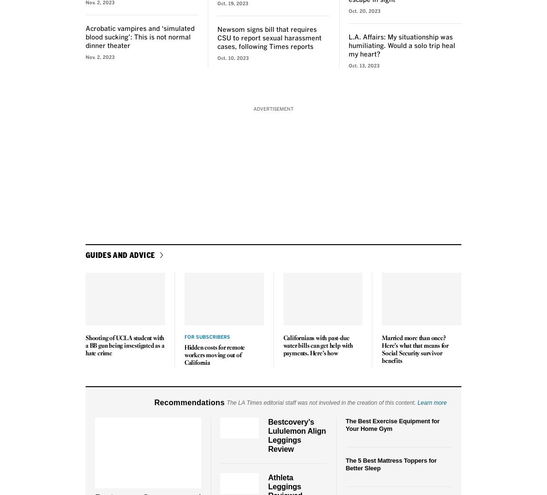 Image resolution: width=547 pixels, height=495 pixels. What do you see at coordinates (317, 345) in the screenshot?
I see `'Californians with past-due water bills can get help with payments. Here’s how'` at bounding box center [317, 345].